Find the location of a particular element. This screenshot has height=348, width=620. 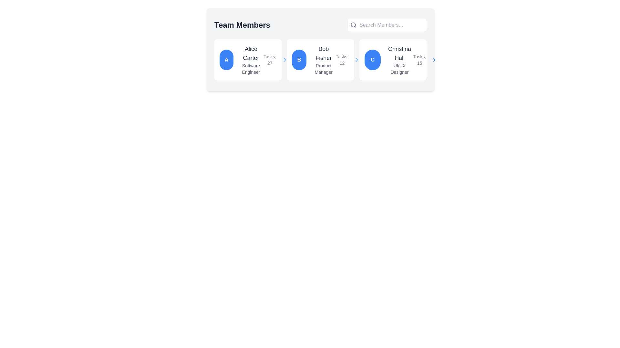

the graphic icon representing 'Alice Carter', located to the left of the text 'Alice Carter' and 'Software Engineer' is located at coordinates (226, 60).